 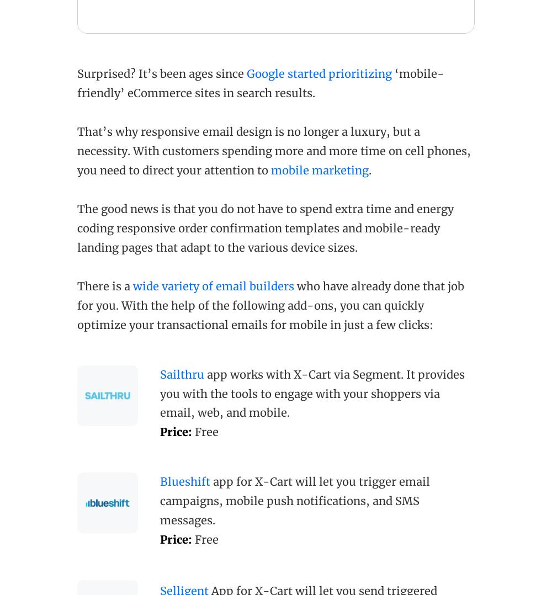 I want to click on 'app works with X-Cart via Segment. It provides you with the tools to engage with your shoppers via email, web, and mobile.', so click(x=312, y=392).